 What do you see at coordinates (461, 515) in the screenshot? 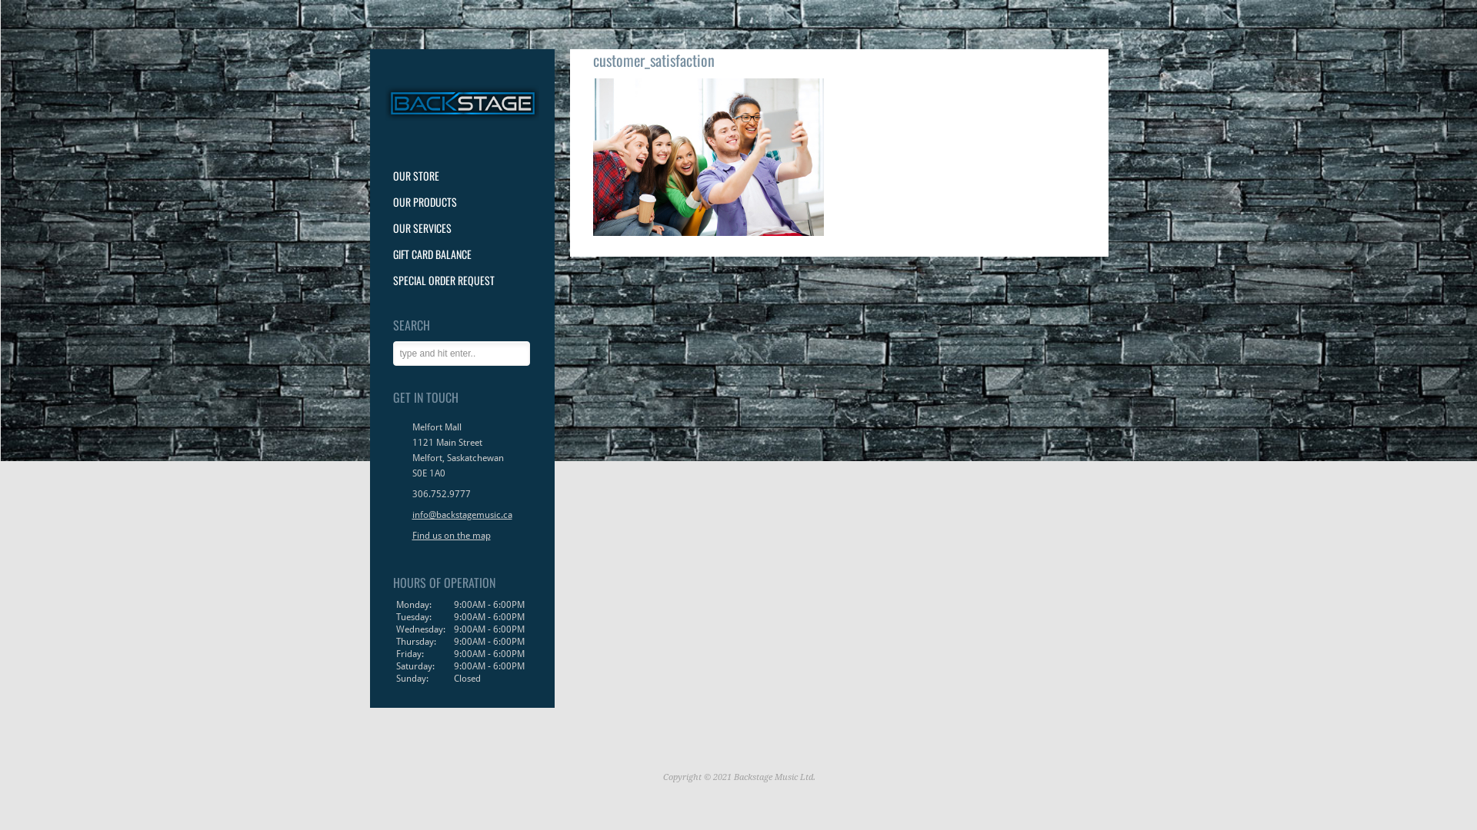
I see `'info@backstagemusic.ca'` at bounding box center [461, 515].